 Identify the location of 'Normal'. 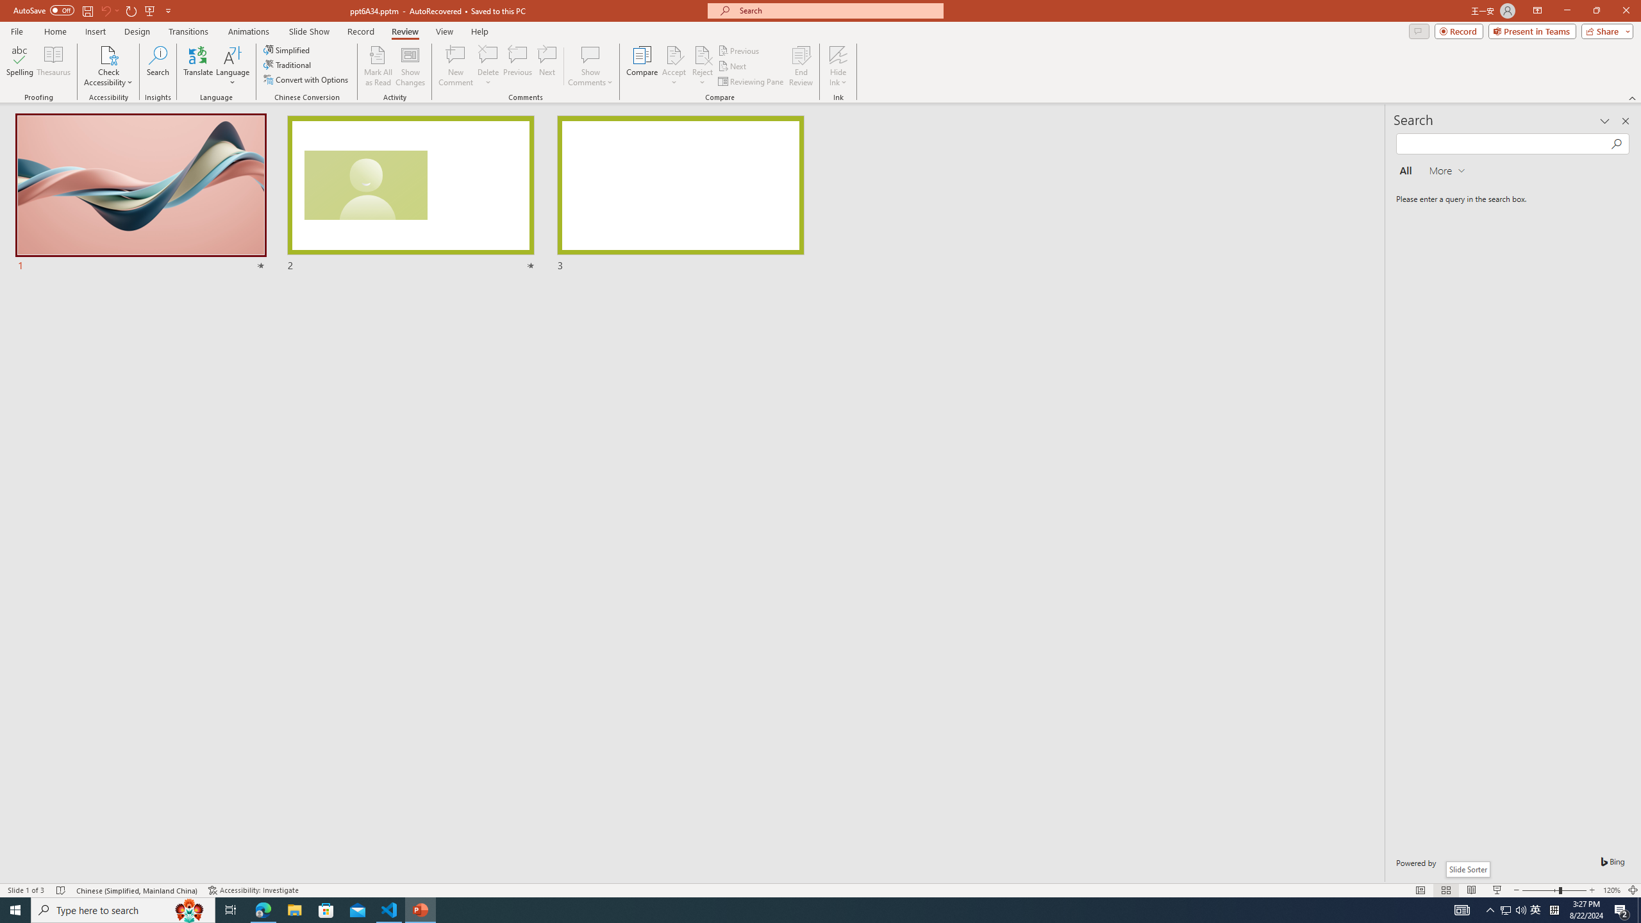
(1419, 890).